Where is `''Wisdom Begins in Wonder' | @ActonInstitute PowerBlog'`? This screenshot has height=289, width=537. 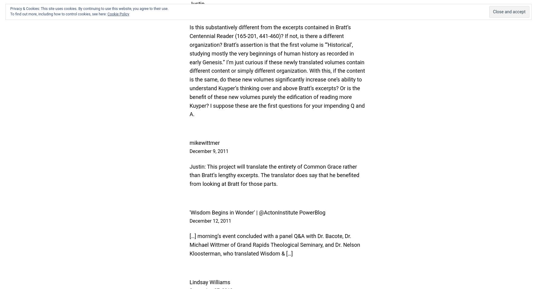 ''Wisdom Begins in Wonder' | @ActonInstitute PowerBlog' is located at coordinates (257, 212).